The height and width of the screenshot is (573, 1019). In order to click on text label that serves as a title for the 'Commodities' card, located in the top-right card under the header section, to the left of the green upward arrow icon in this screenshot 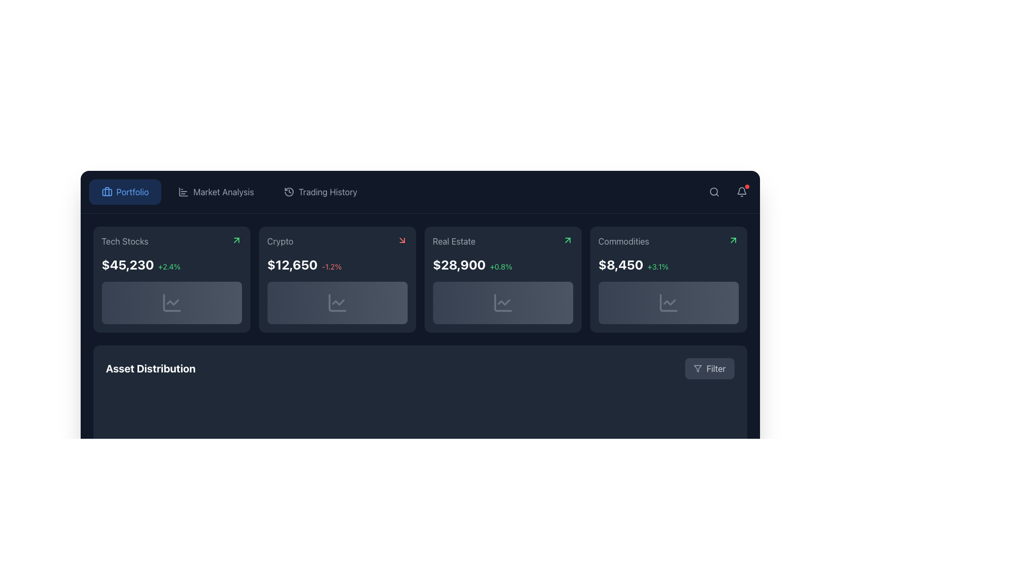, I will do `click(624, 241)`.